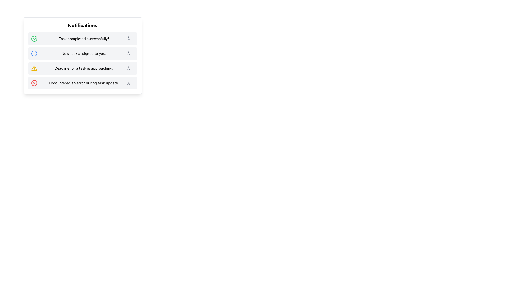 The image size is (507, 285). I want to click on the static text label that communicates an error message, located in the bottom row of the notification block, adjacent to an error icon and a close button, so click(83, 83).